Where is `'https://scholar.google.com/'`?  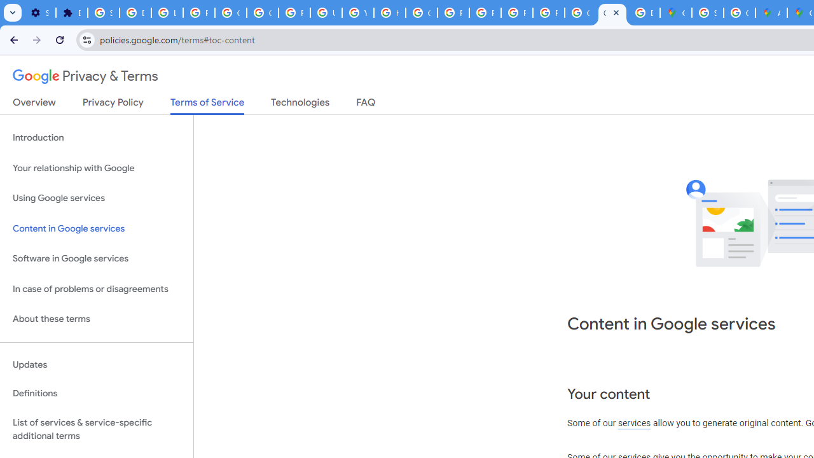 'https://scholar.google.com/' is located at coordinates (389, 13).